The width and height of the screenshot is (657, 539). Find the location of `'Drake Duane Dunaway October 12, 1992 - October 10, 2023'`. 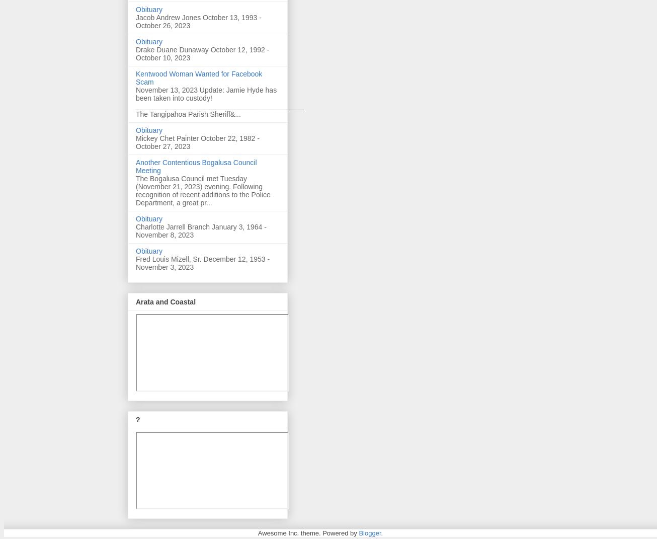

'Drake Duane Dunaway October 12, 1992 - October 10, 2023' is located at coordinates (202, 53).